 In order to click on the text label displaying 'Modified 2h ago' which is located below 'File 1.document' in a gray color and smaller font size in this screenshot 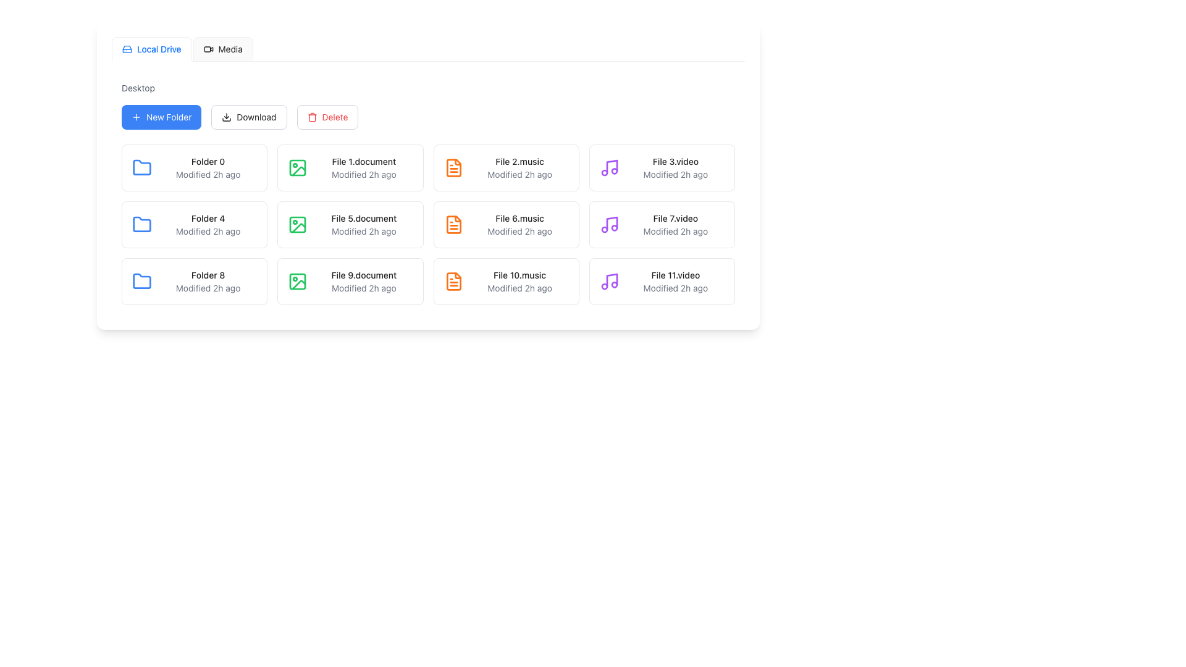, I will do `click(363, 174)`.